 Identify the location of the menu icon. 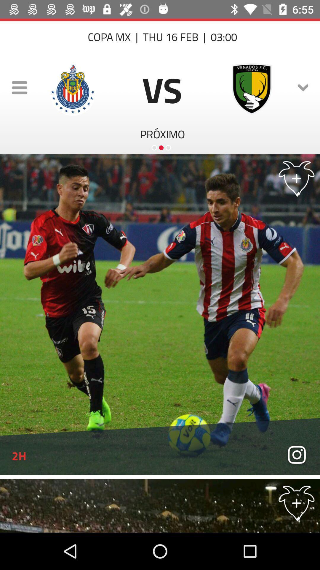
(19, 87).